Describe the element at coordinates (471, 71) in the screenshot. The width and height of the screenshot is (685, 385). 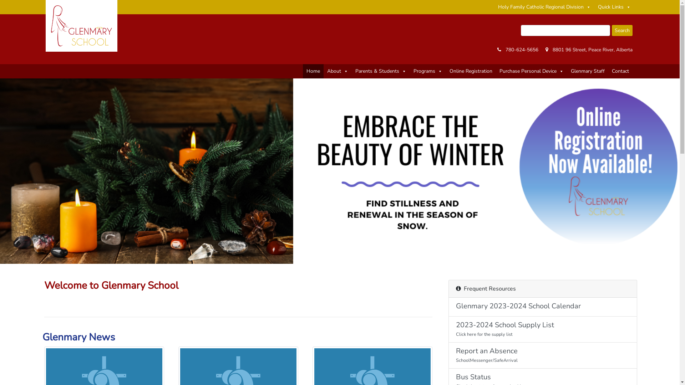
I see `'Online Registration'` at that location.